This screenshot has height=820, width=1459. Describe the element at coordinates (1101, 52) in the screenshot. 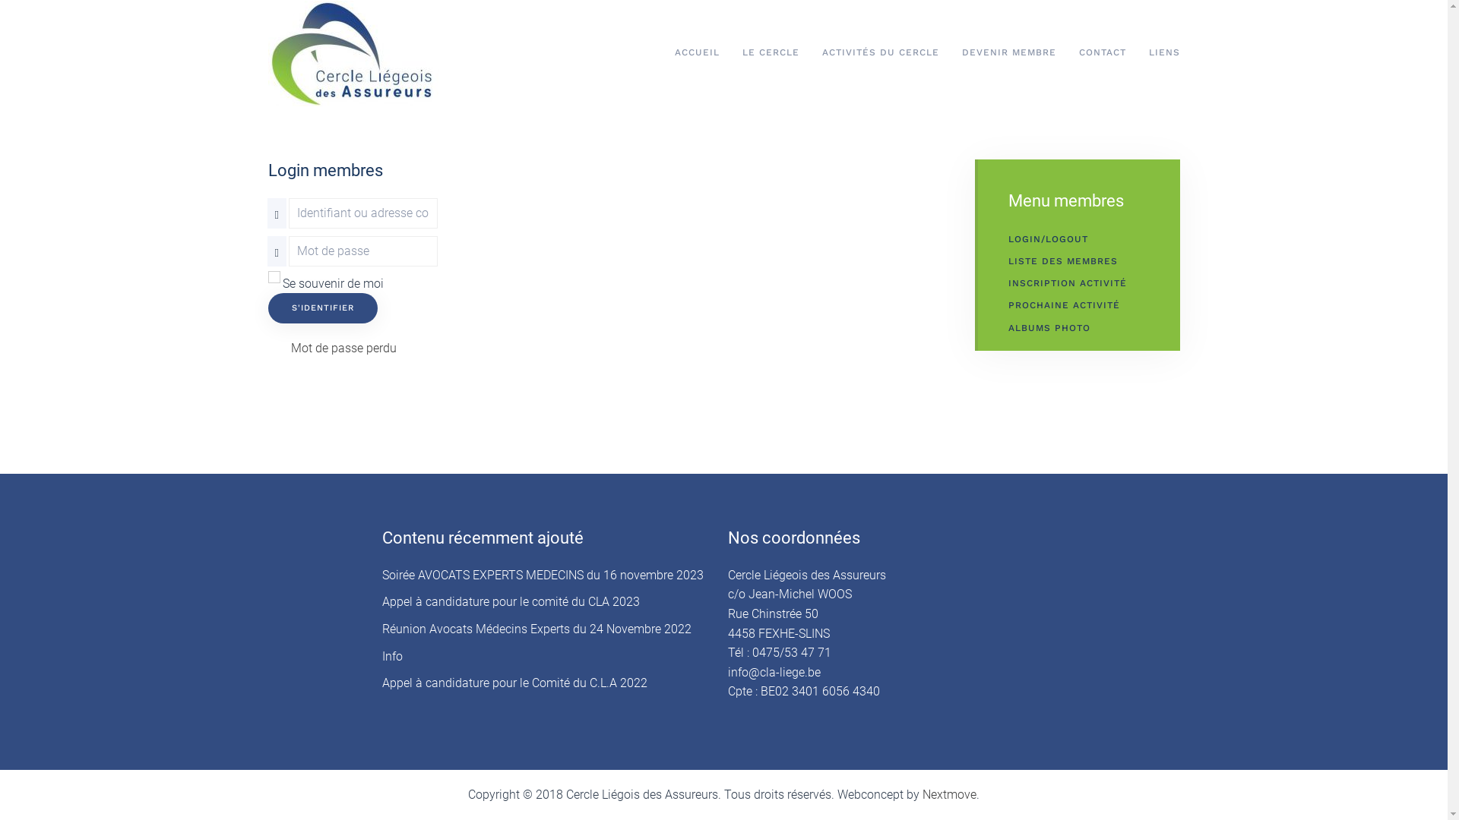

I see `'CONTACT'` at that location.